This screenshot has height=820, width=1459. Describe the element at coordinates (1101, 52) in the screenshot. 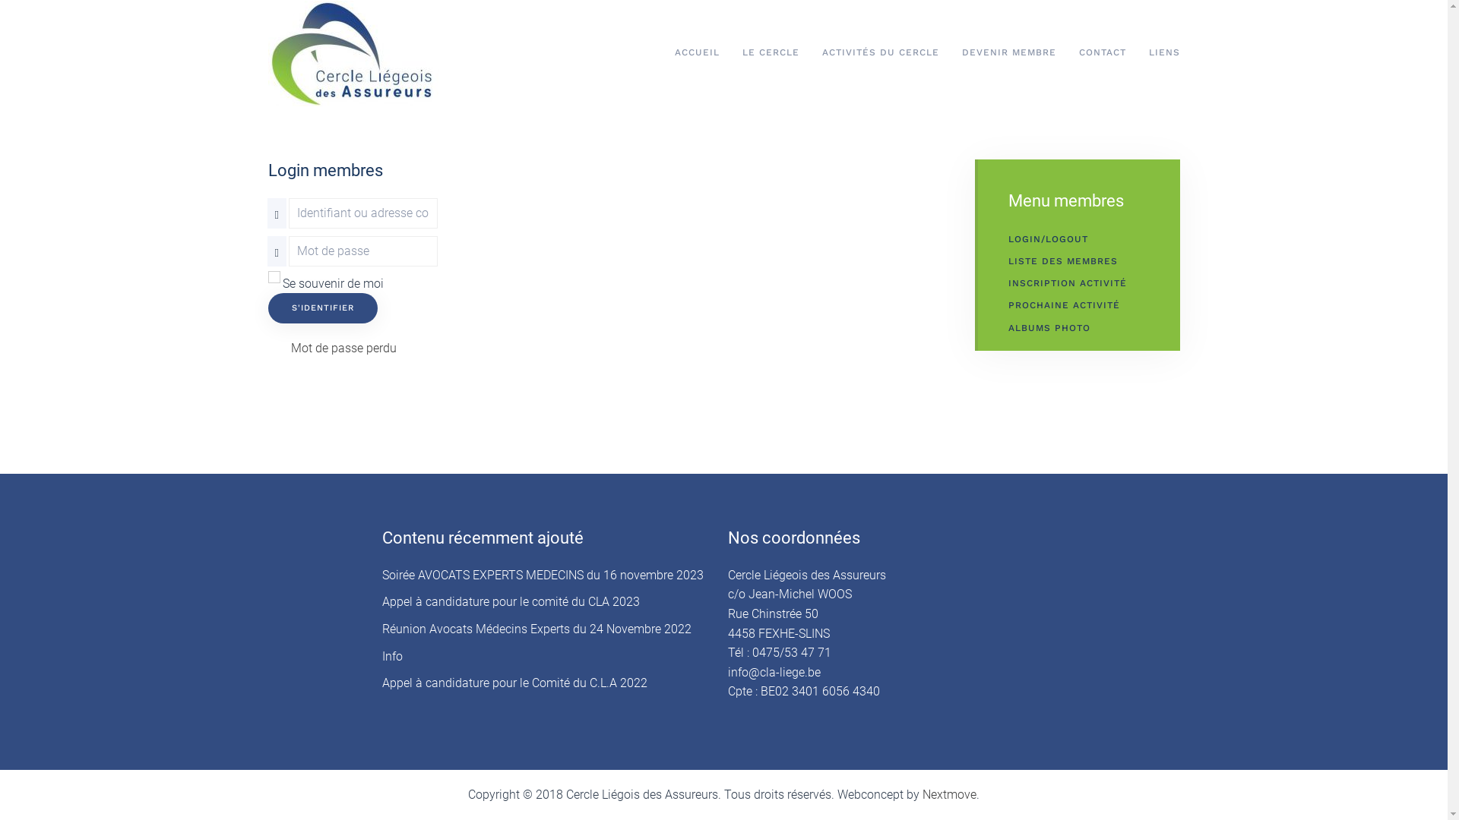

I see `'CONTACT'` at that location.